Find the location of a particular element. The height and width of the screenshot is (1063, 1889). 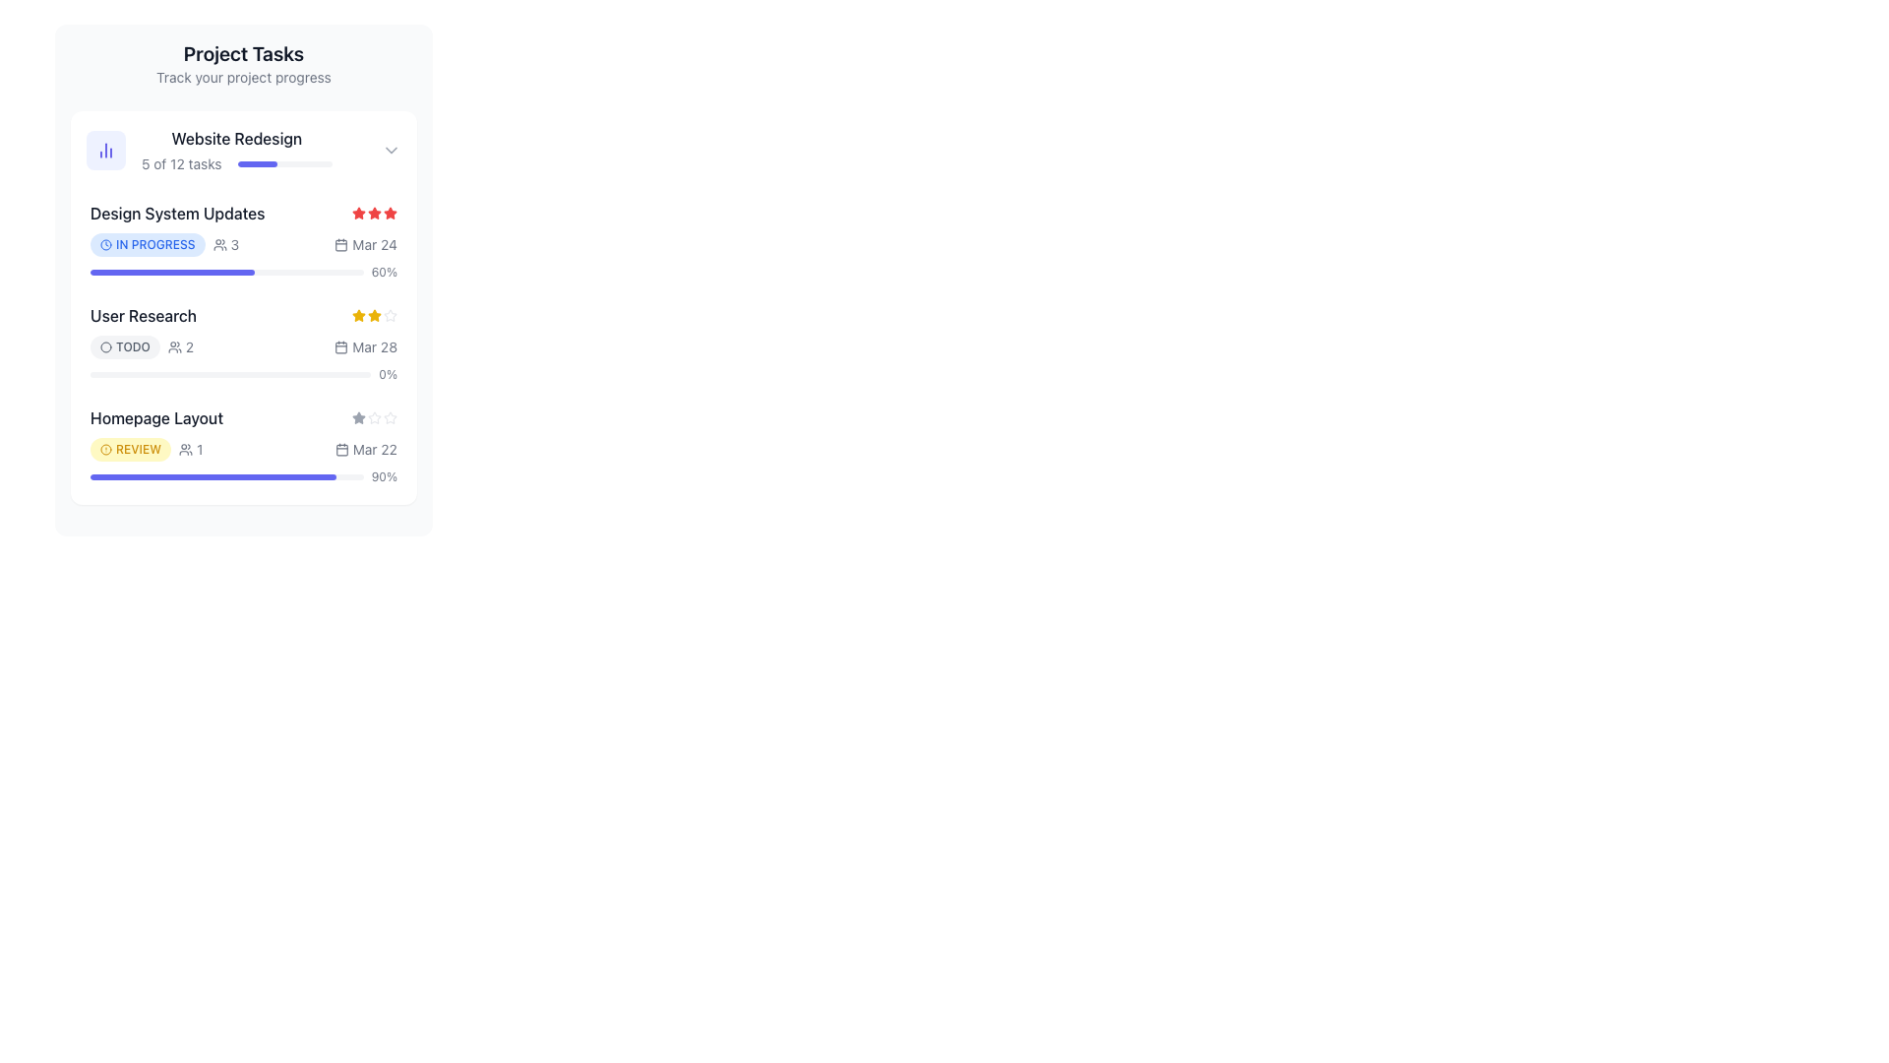

the second star icon in the rating system for the 'Design System Updates' task to set a two-star rating is located at coordinates (358, 213).